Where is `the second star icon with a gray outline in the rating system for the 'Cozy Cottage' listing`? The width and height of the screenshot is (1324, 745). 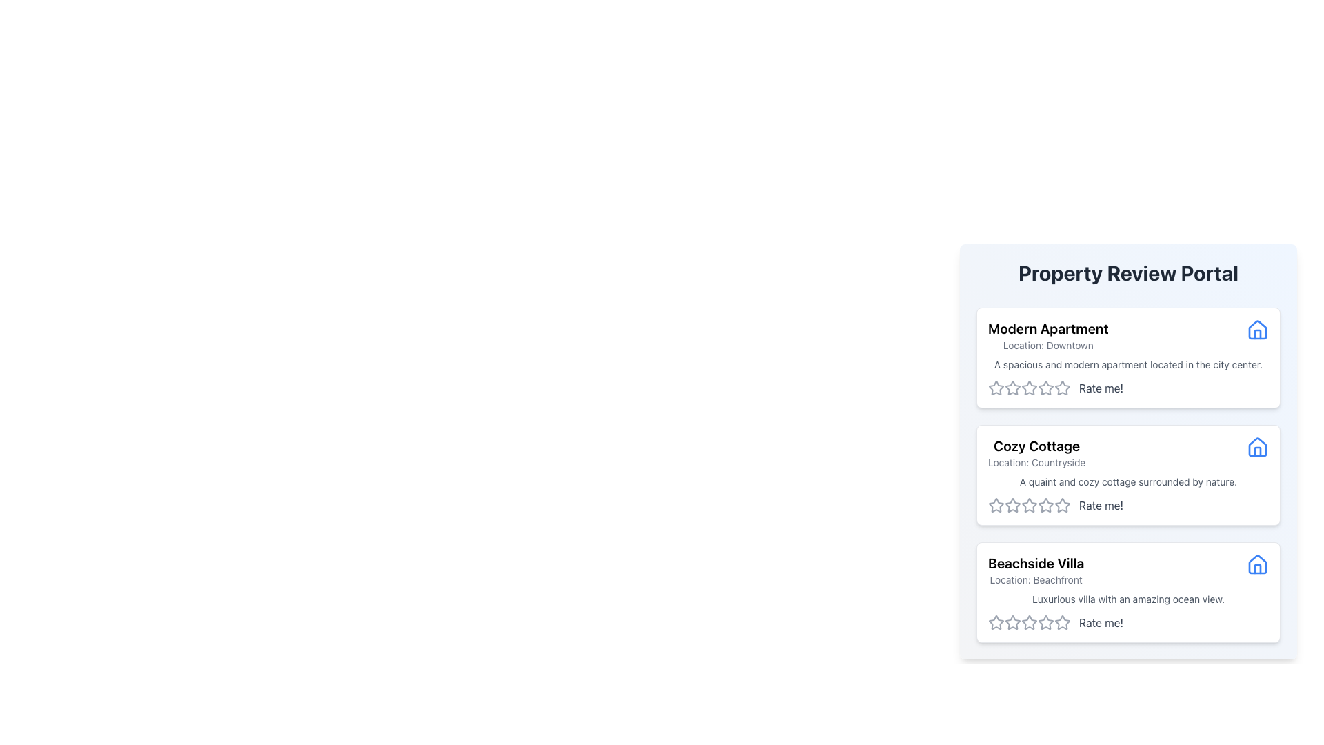
the second star icon with a gray outline in the rating system for the 'Cozy Cottage' listing is located at coordinates (1029, 505).